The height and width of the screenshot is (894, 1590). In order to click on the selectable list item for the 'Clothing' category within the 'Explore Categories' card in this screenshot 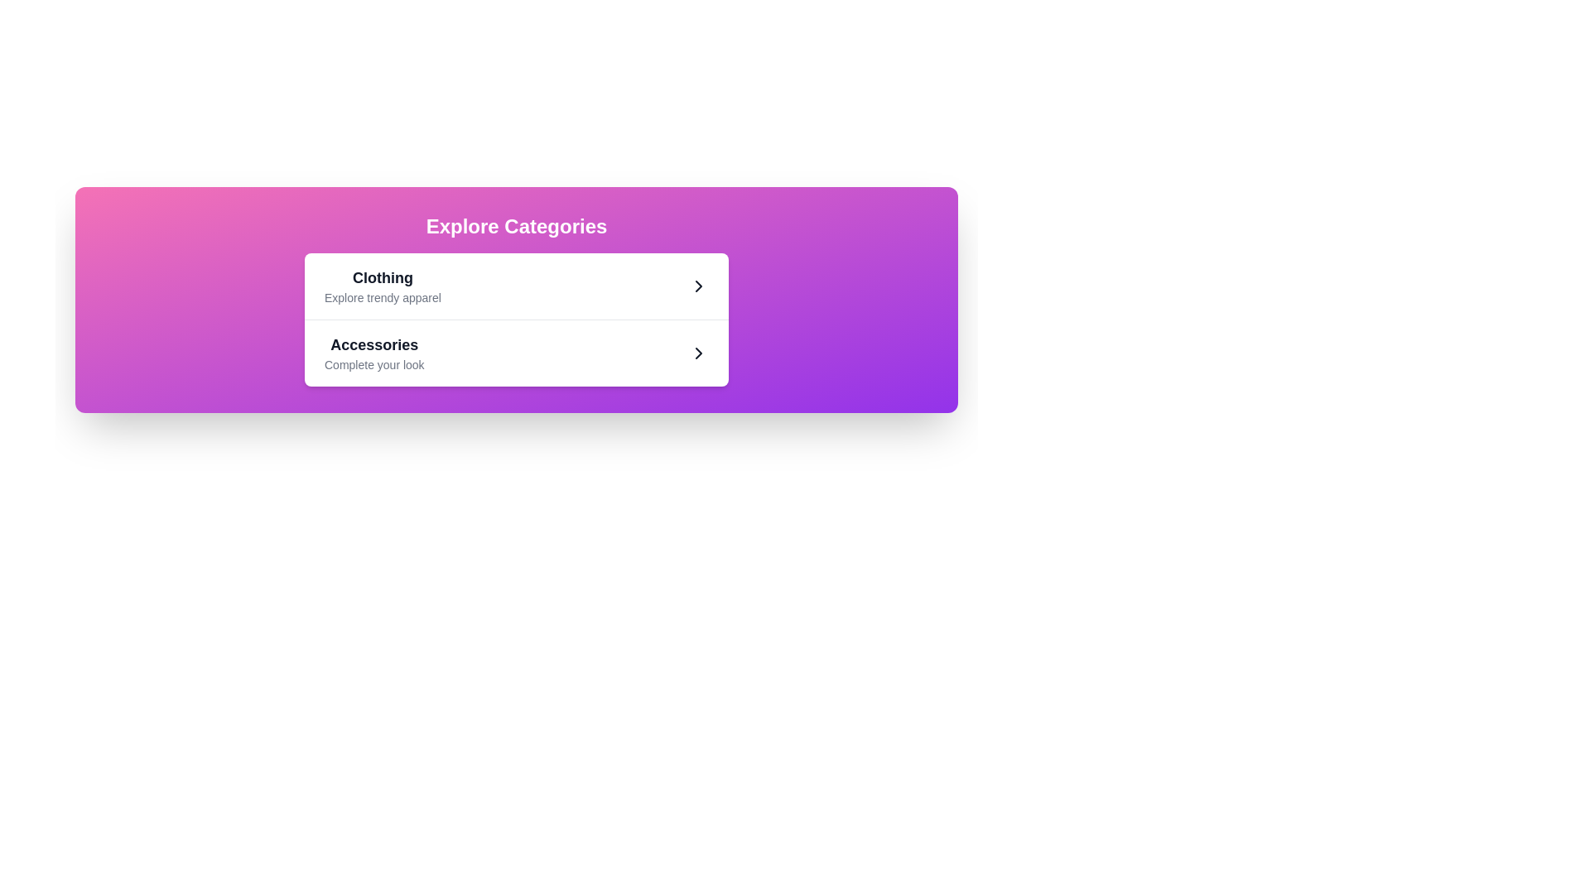, I will do `click(516, 286)`.